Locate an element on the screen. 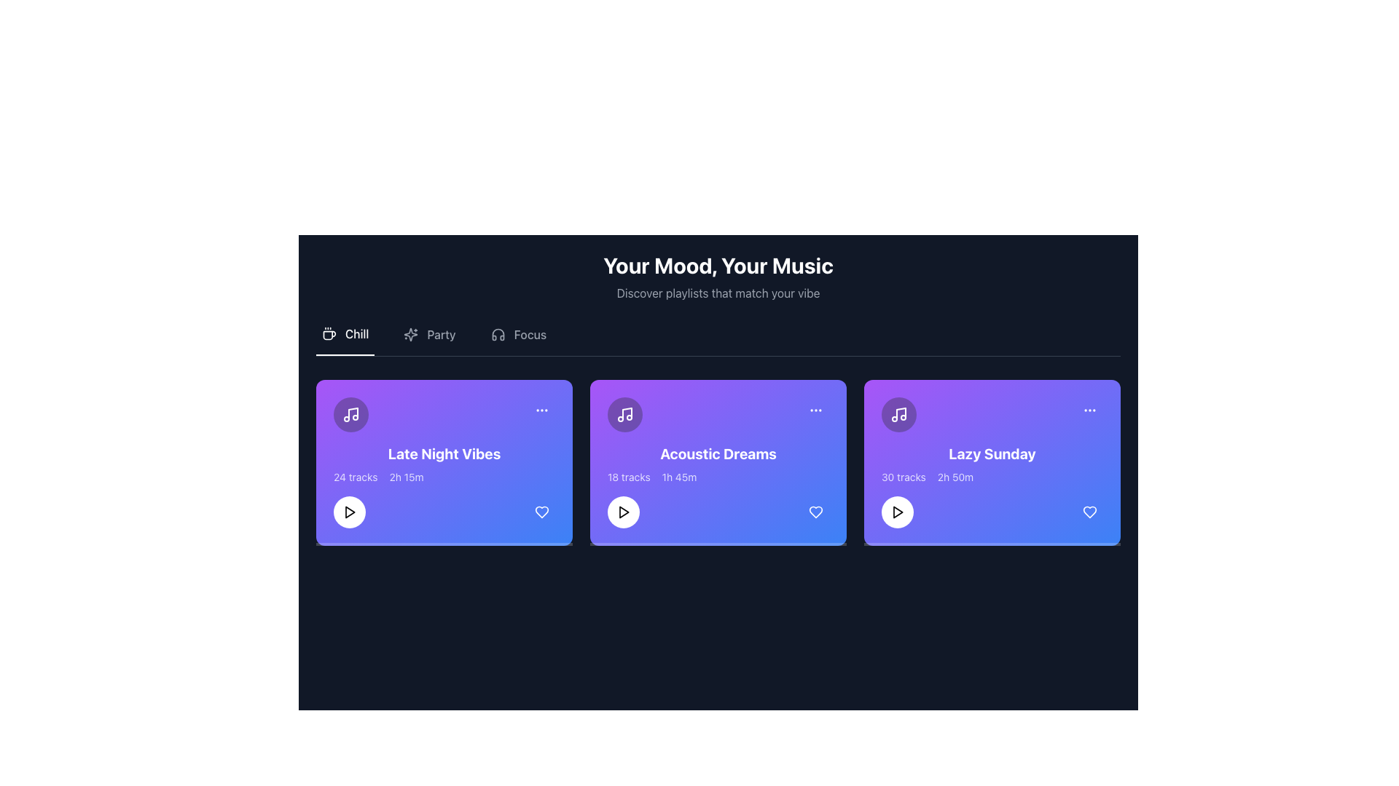 The width and height of the screenshot is (1399, 786). the heart icon located at the bottom right corner of the 'Lazy Sunday' card to mark the content as favorite is located at coordinates (1090, 512).